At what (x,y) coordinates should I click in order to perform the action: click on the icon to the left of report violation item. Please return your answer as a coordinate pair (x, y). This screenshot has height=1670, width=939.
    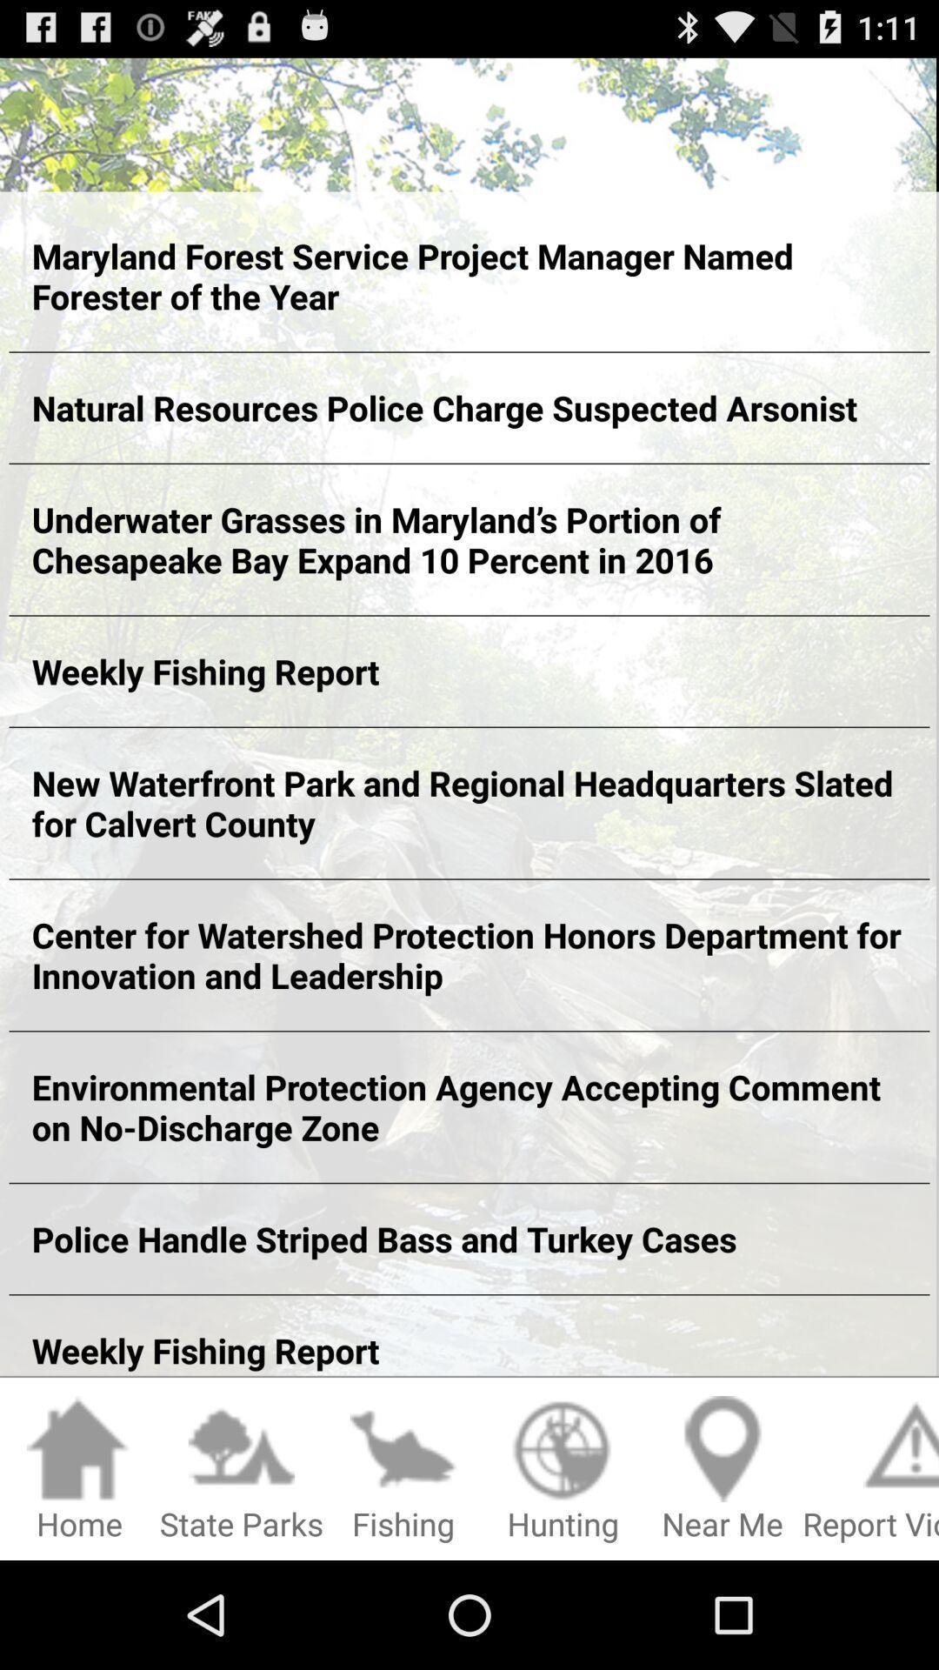
    Looking at the image, I should click on (723, 1469).